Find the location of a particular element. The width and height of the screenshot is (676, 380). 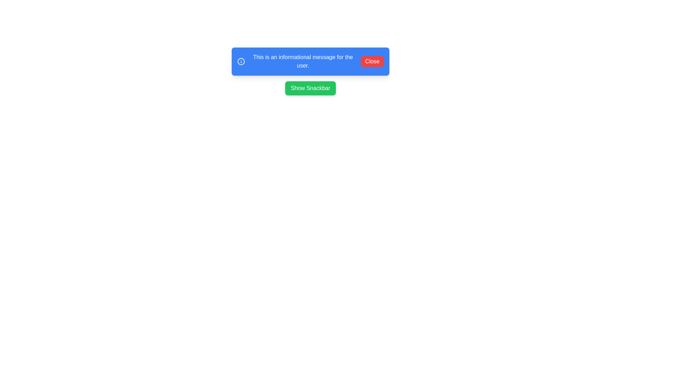

'Close' button to close the snackbar is located at coordinates (372, 61).